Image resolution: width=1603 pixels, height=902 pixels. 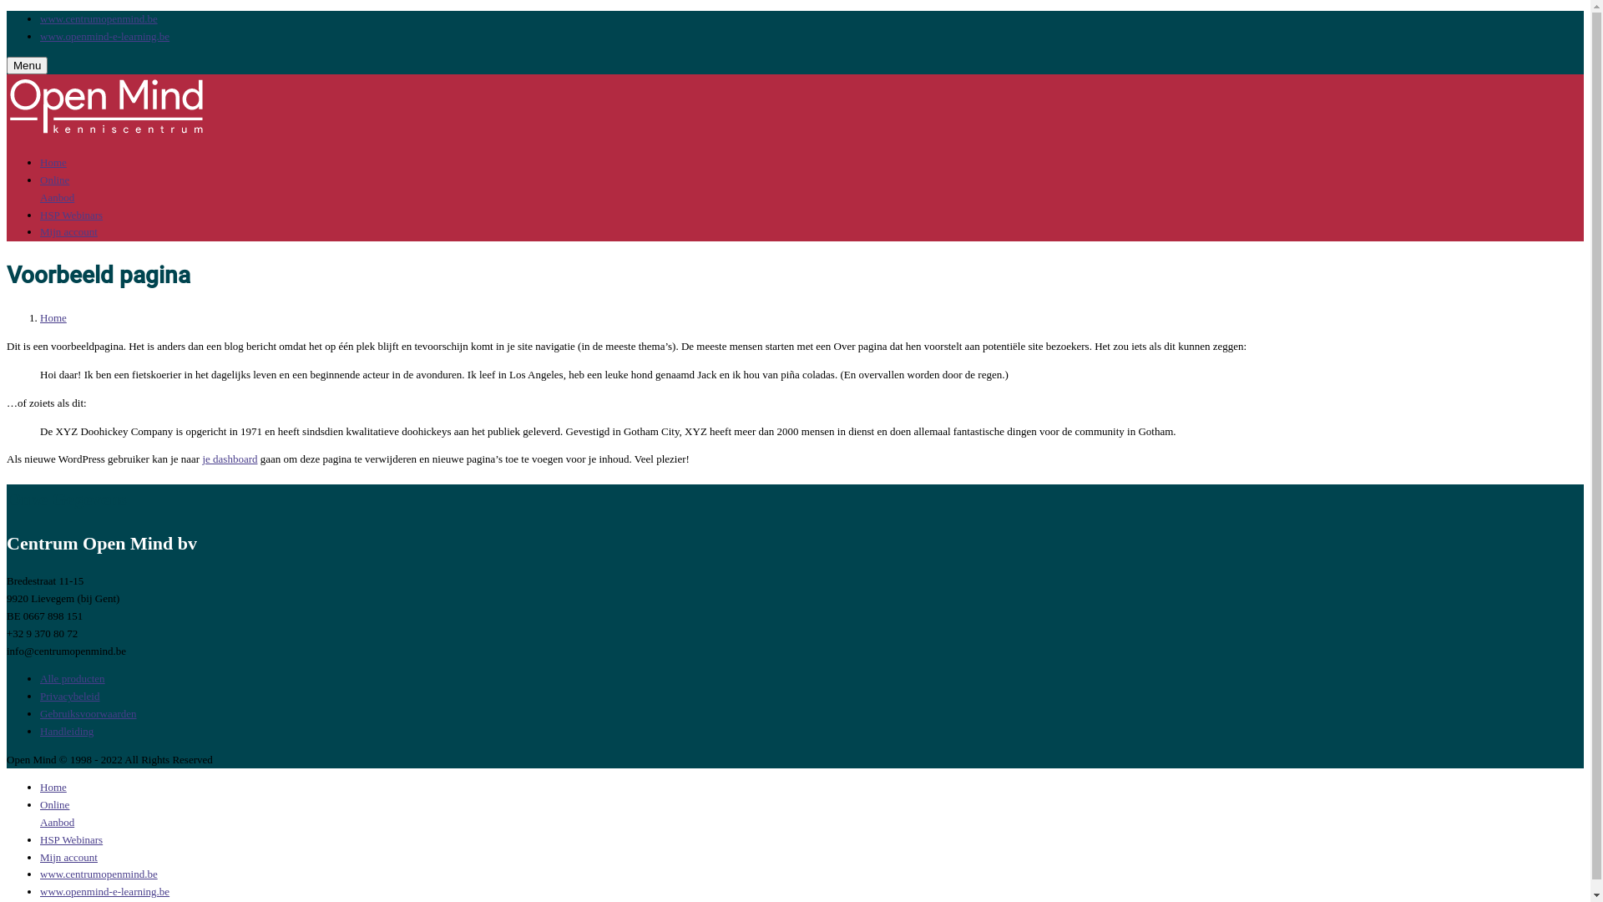 I want to click on 'Privacybeleid', so click(x=68, y=696).